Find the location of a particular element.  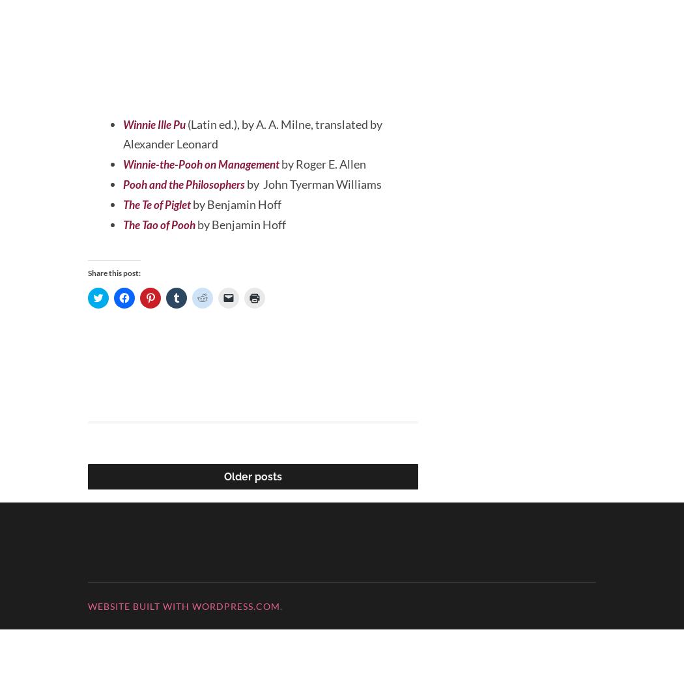

'Pooh and the Philosophers' is located at coordinates (122, 230).